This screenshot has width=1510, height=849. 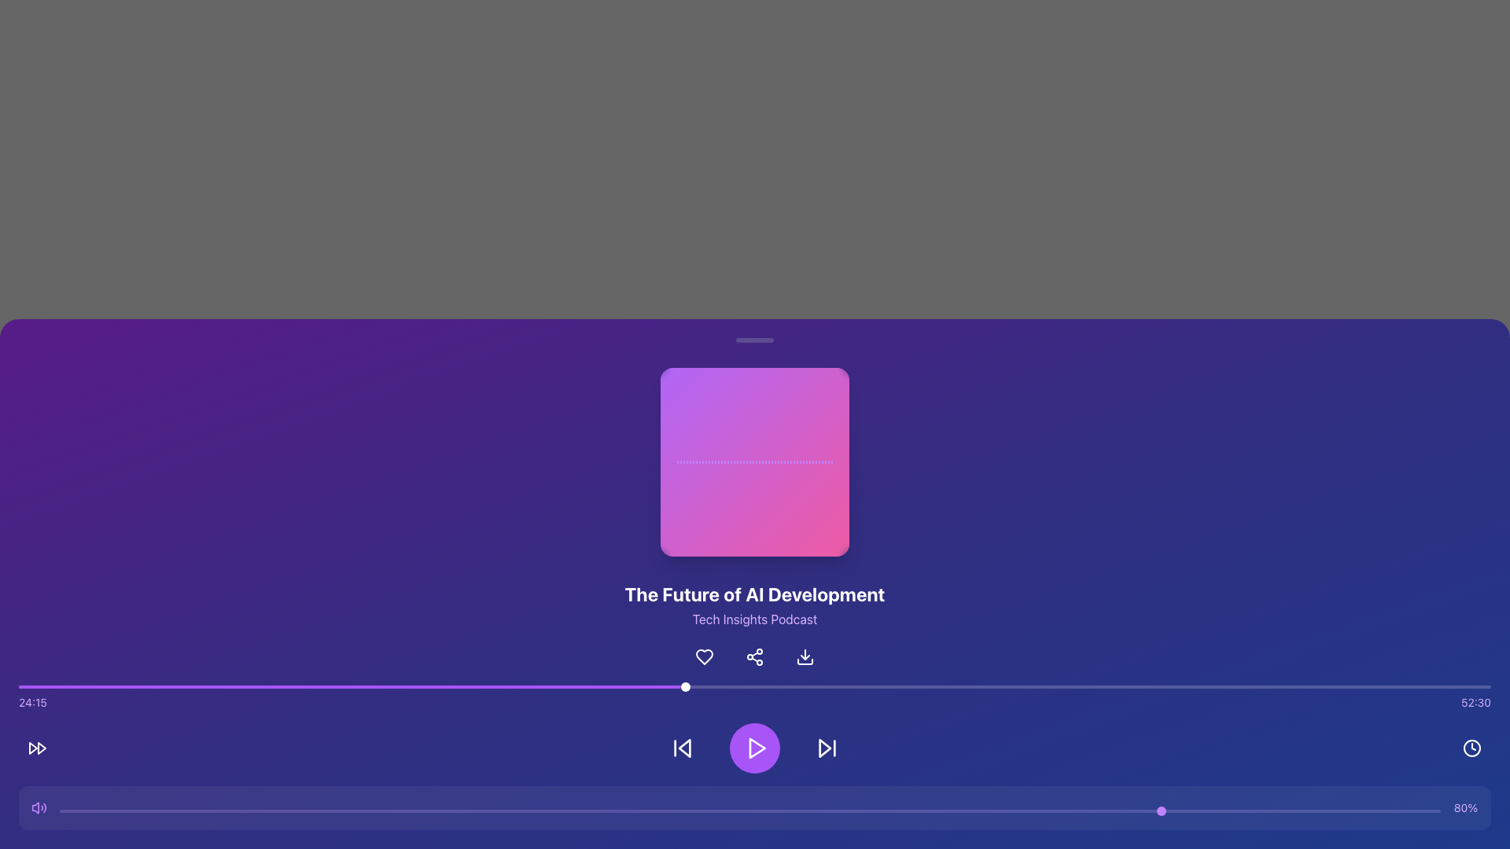 What do you see at coordinates (683, 748) in the screenshot?
I see `the leftmost 'skip back' button in the media player interface` at bounding box center [683, 748].